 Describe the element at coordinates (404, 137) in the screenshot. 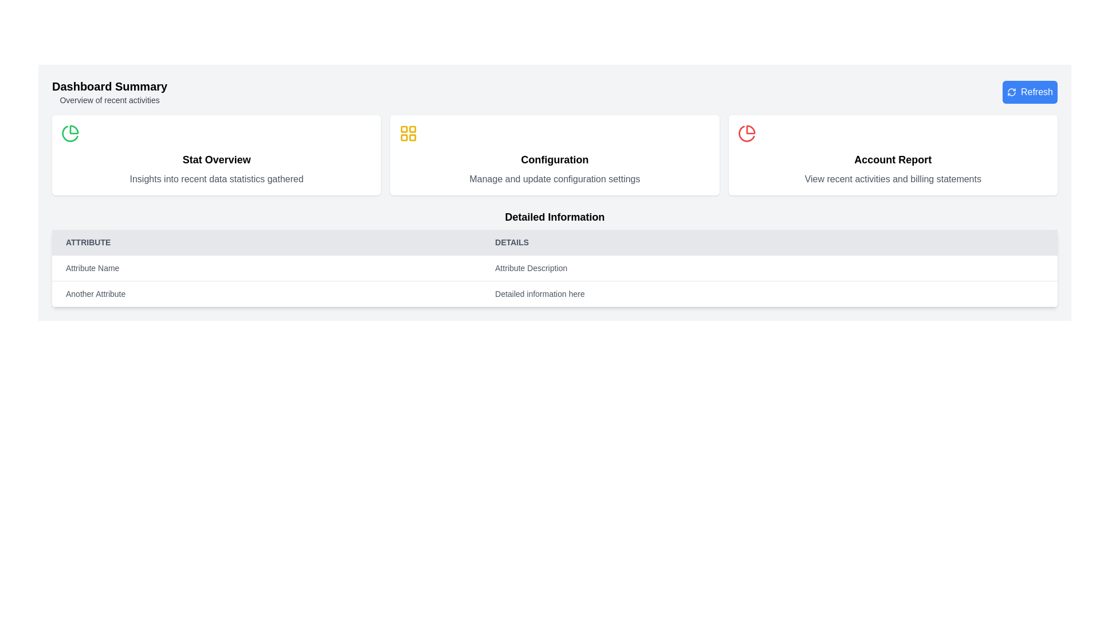

I see `the bottom-left icon segment in the 2x2 grid, located above the 'Configuration' label` at that location.